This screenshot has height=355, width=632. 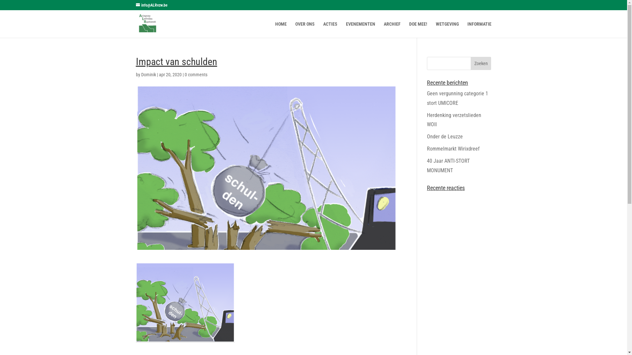 I want to click on '40 Jaar ANTI-STORT MONUMENT', so click(x=448, y=165).